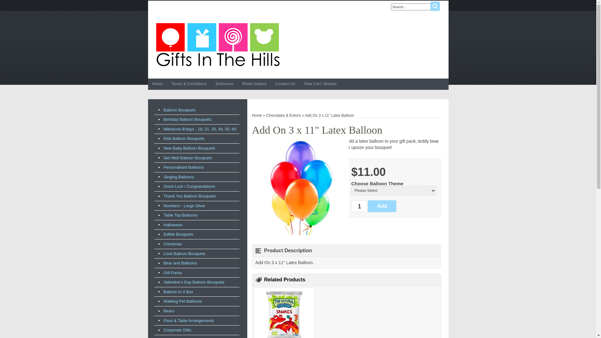  What do you see at coordinates (196, 206) in the screenshot?
I see `'Numbers - Large Silver'` at bounding box center [196, 206].